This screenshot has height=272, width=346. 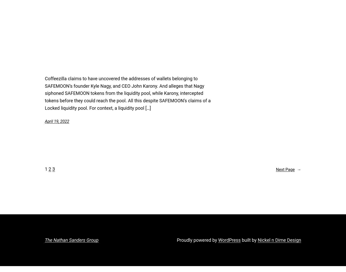 What do you see at coordinates (57, 121) in the screenshot?
I see `'April 19, 2022'` at bounding box center [57, 121].